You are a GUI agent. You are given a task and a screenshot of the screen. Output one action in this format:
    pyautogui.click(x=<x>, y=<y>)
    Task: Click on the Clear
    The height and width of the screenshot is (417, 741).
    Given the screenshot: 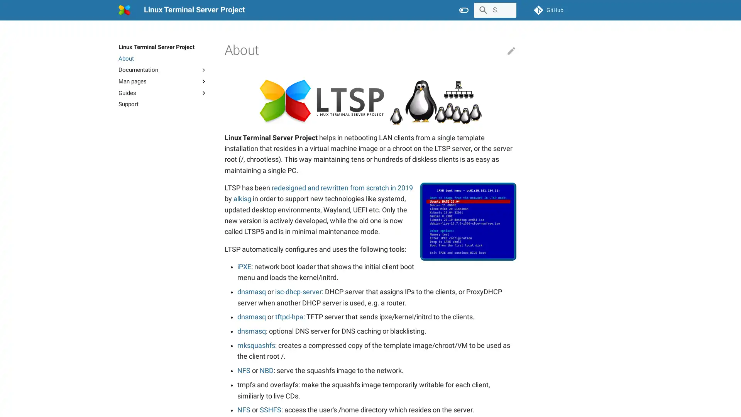 What is the action you would take?
    pyautogui.click(x=507, y=10)
    